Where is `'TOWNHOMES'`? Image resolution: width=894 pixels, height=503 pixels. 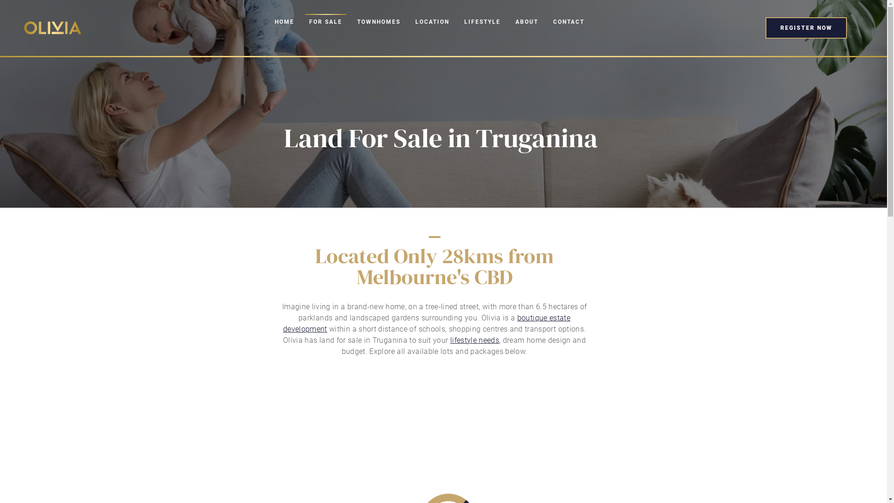 'TOWNHOMES' is located at coordinates (379, 21).